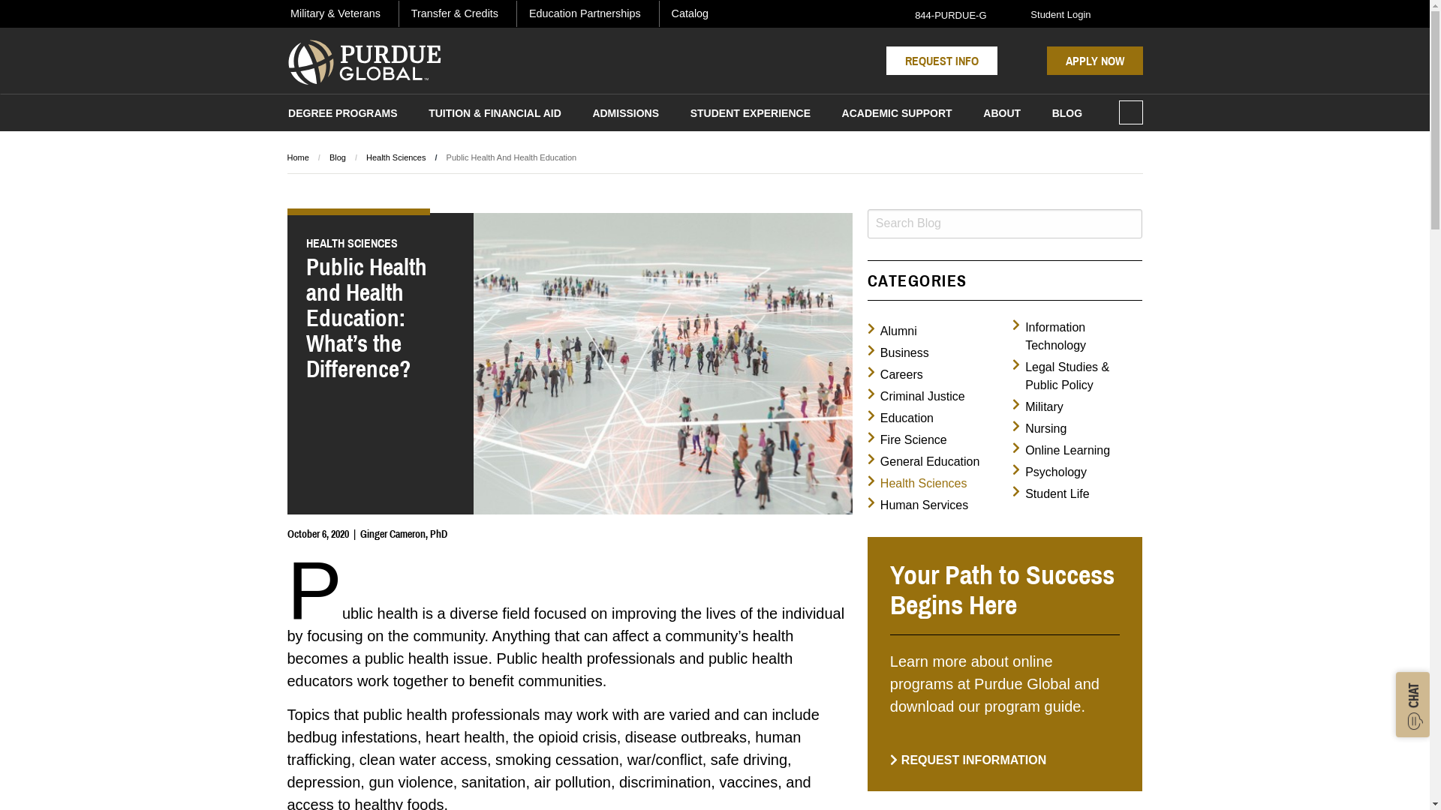 The width and height of the screenshot is (1441, 810). What do you see at coordinates (334, 13) in the screenshot?
I see `'Military & Veterans'` at bounding box center [334, 13].